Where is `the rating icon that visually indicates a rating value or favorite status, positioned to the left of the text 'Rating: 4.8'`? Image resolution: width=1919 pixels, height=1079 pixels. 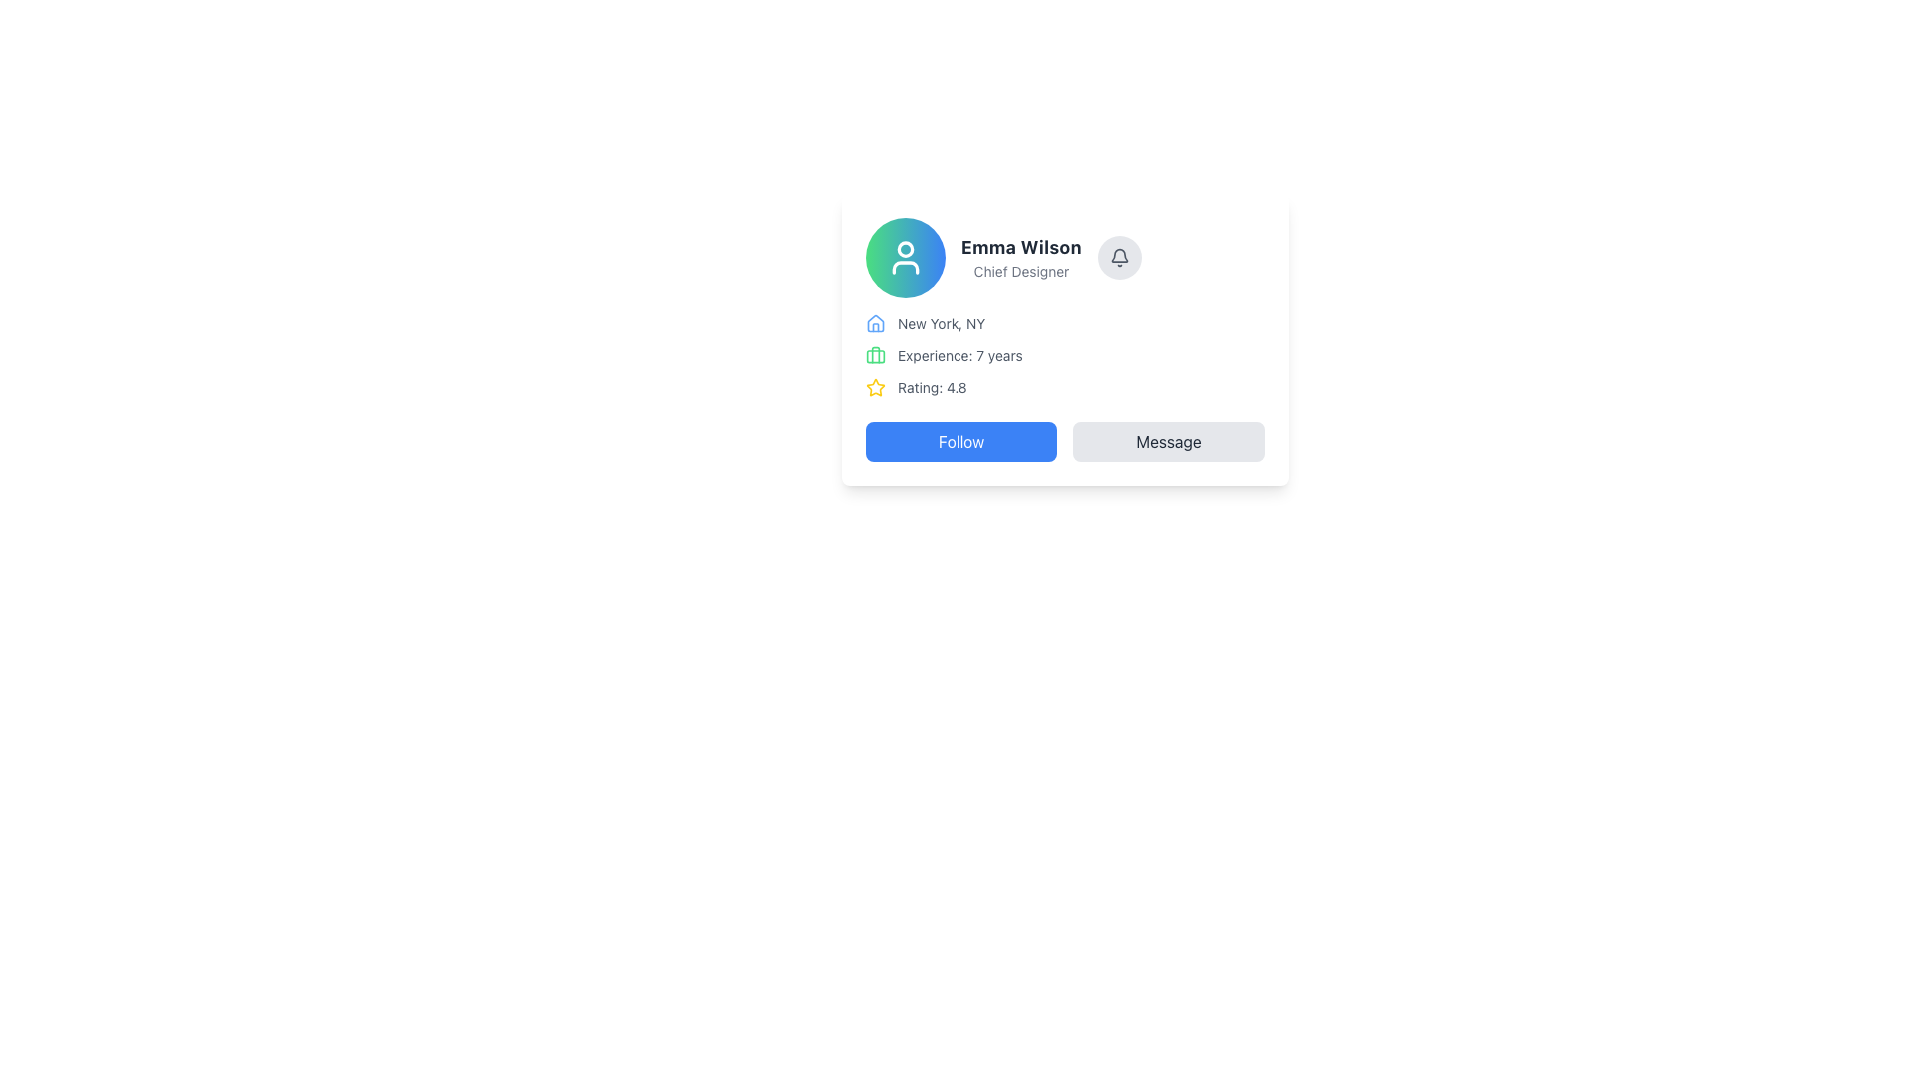 the rating icon that visually indicates a rating value or favorite status, positioned to the left of the text 'Rating: 4.8' is located at coordinates (875, 388).